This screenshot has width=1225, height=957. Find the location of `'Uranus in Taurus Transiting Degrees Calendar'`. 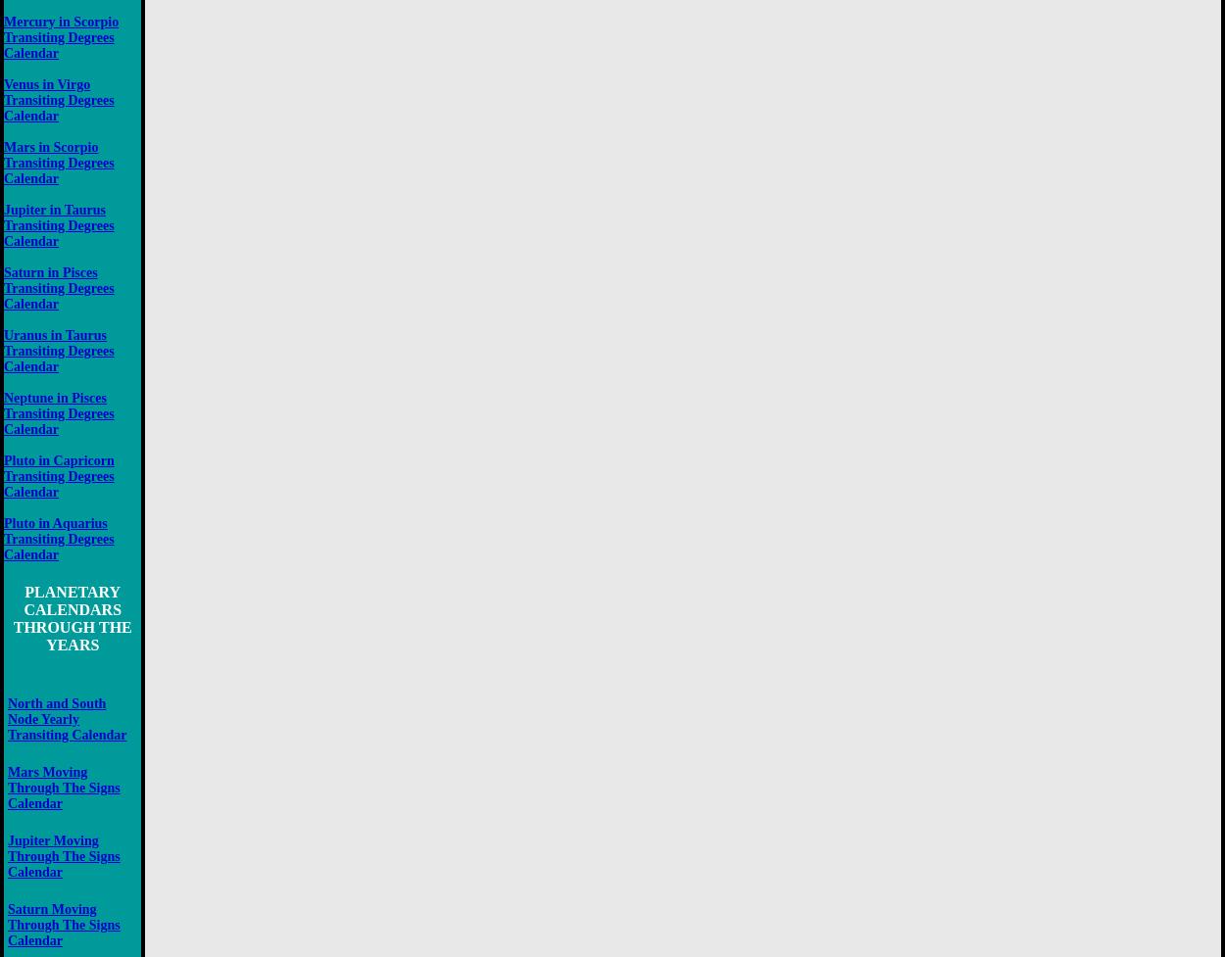

'Uranus in Taurus Transiting Degrees Calendar' is located at coordinates (59, 350).